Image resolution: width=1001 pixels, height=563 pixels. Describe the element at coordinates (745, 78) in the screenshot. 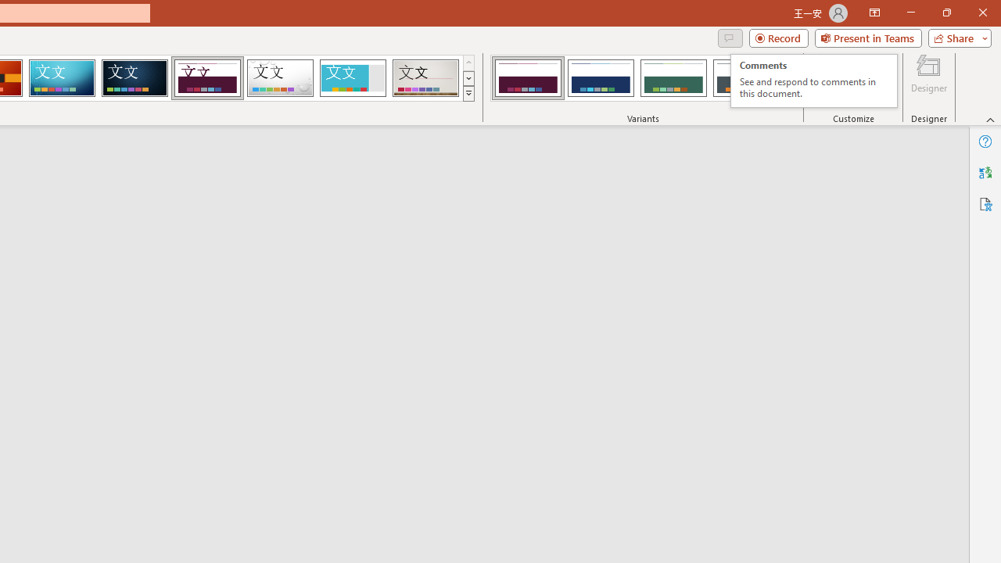

I see `'Dividend Variant 4'` at that location.